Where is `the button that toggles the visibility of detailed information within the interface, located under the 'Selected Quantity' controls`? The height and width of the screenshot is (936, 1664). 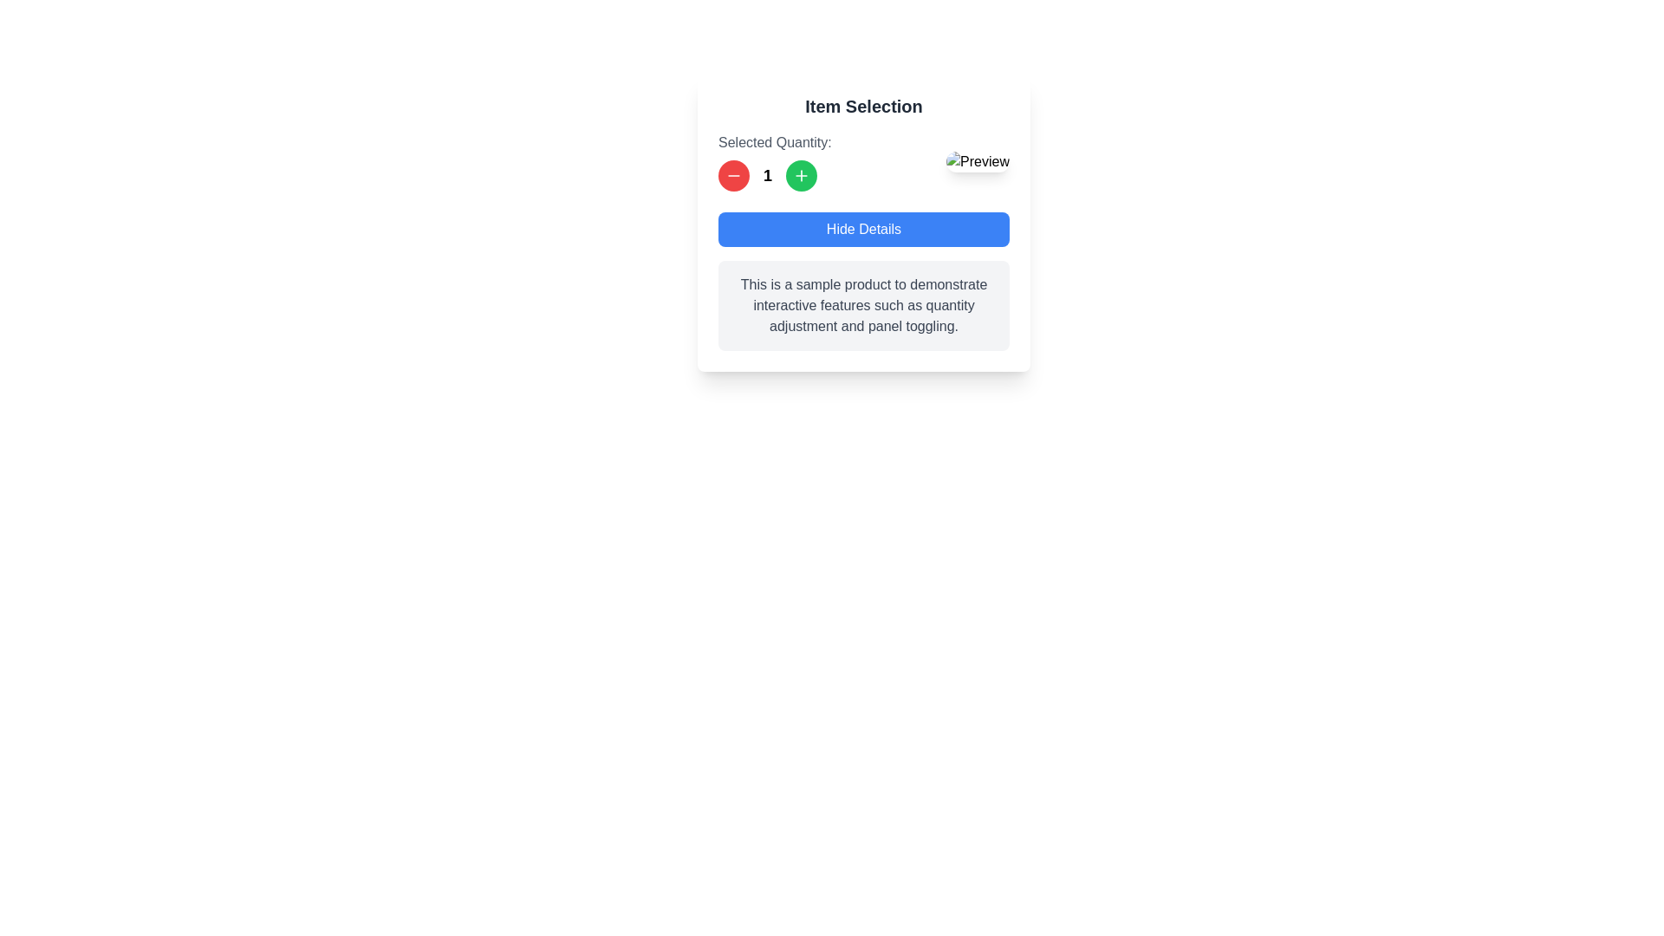 the button that toggles the visibility of detailed information within the interface, located under the 'Selected Quantity' controls is located at coordinates (864, 229).